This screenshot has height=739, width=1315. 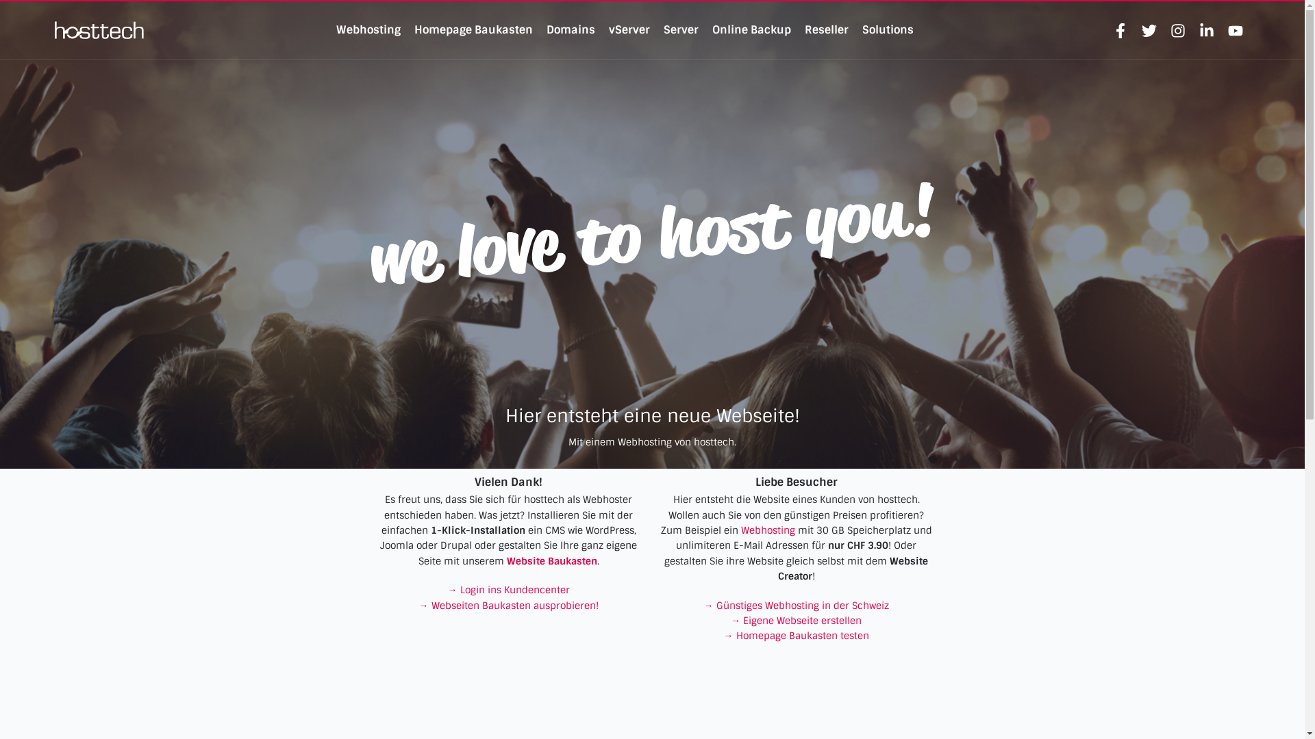 I want to click on 'Online Backup', so click(x=751, y=29).